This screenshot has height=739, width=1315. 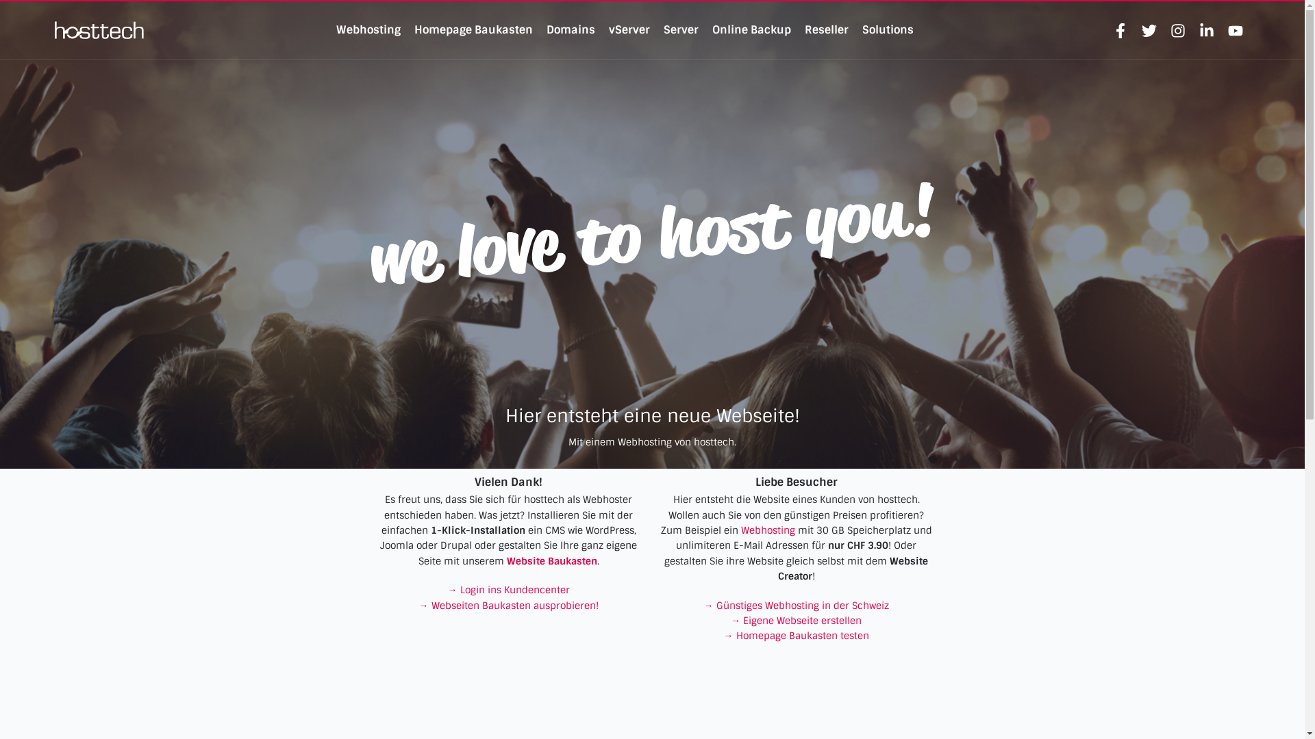 I want to click on 'Online Backup', so click(x=751, y=29).